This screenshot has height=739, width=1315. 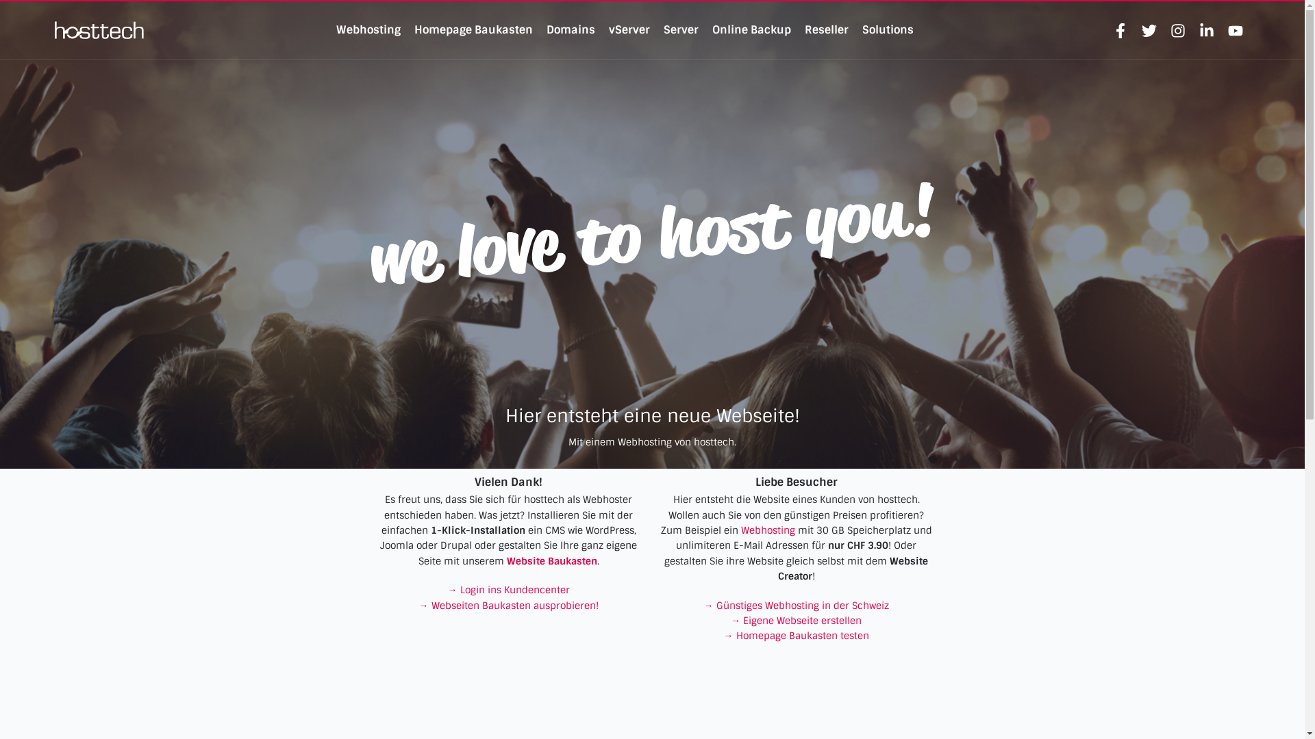 I want to click on 'Online Backup', so click(x=751, y=29).